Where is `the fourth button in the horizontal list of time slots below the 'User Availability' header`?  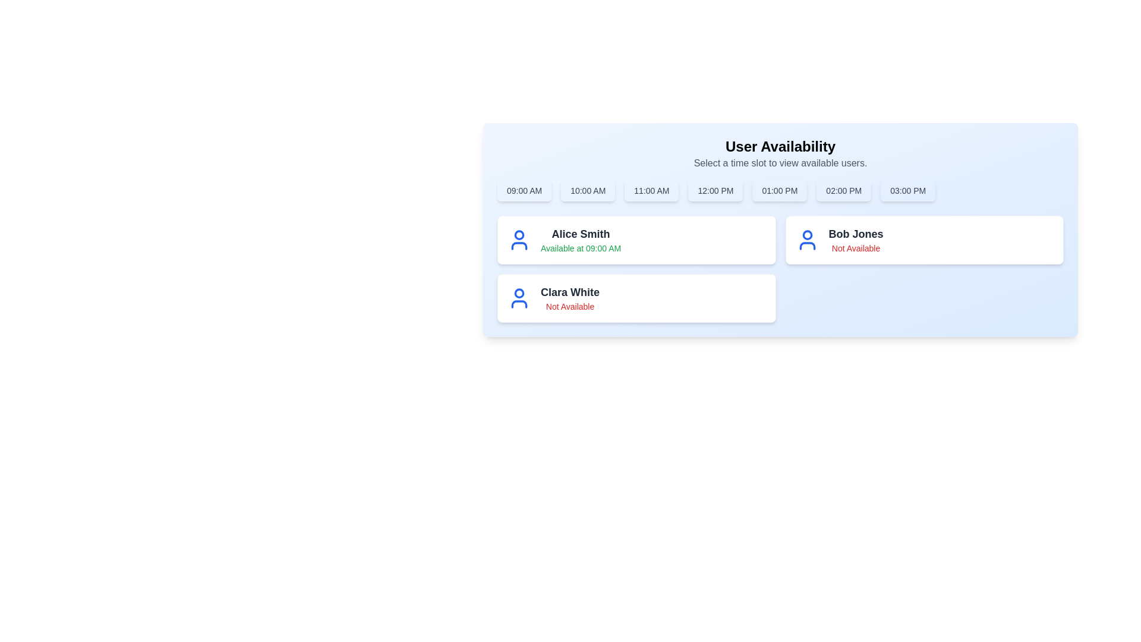 the fourth button in the horizontal list of time slots below the 'User Availability' header is located at coordinates (715, 190).